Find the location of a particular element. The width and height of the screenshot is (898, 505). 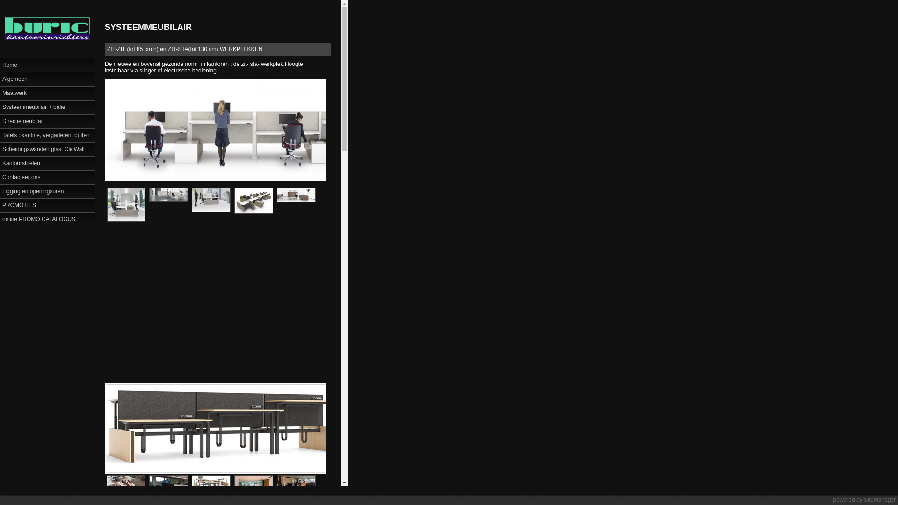

'Tafels : kantine, vergaderen, buiten' is located at coordinates (0, 135).